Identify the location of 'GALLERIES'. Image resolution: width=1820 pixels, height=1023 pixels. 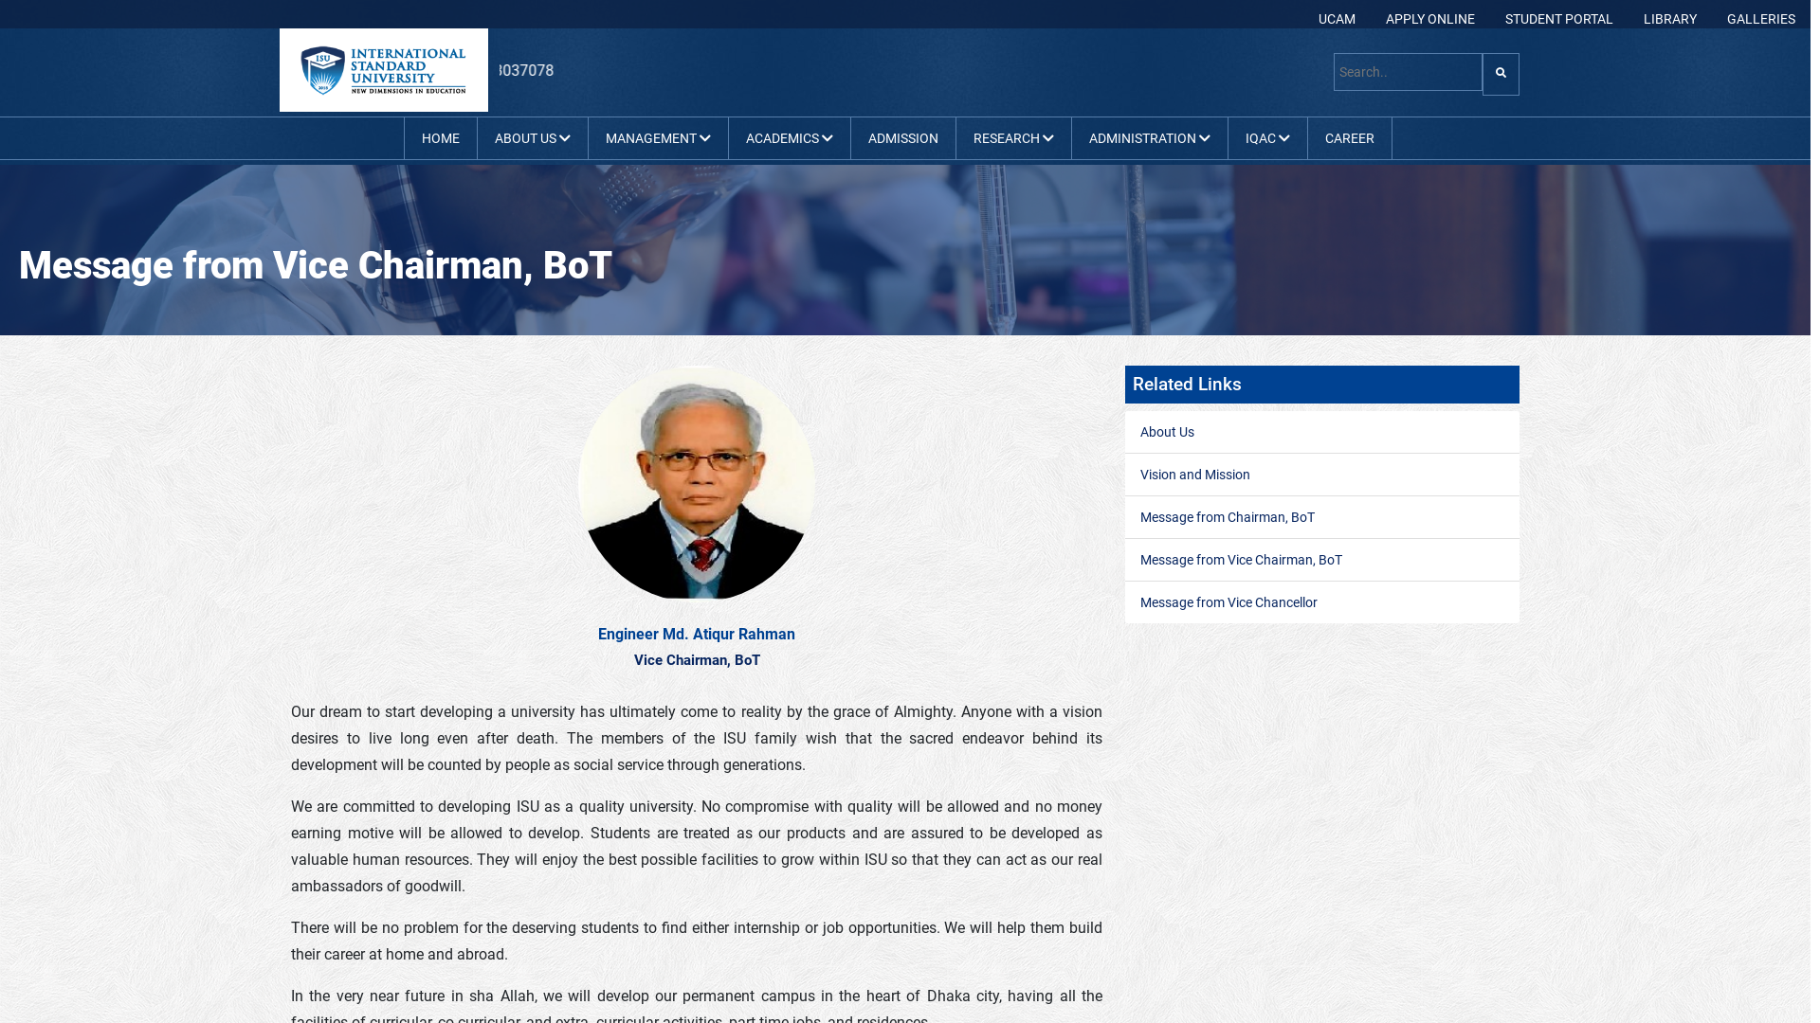
(1759, 18).